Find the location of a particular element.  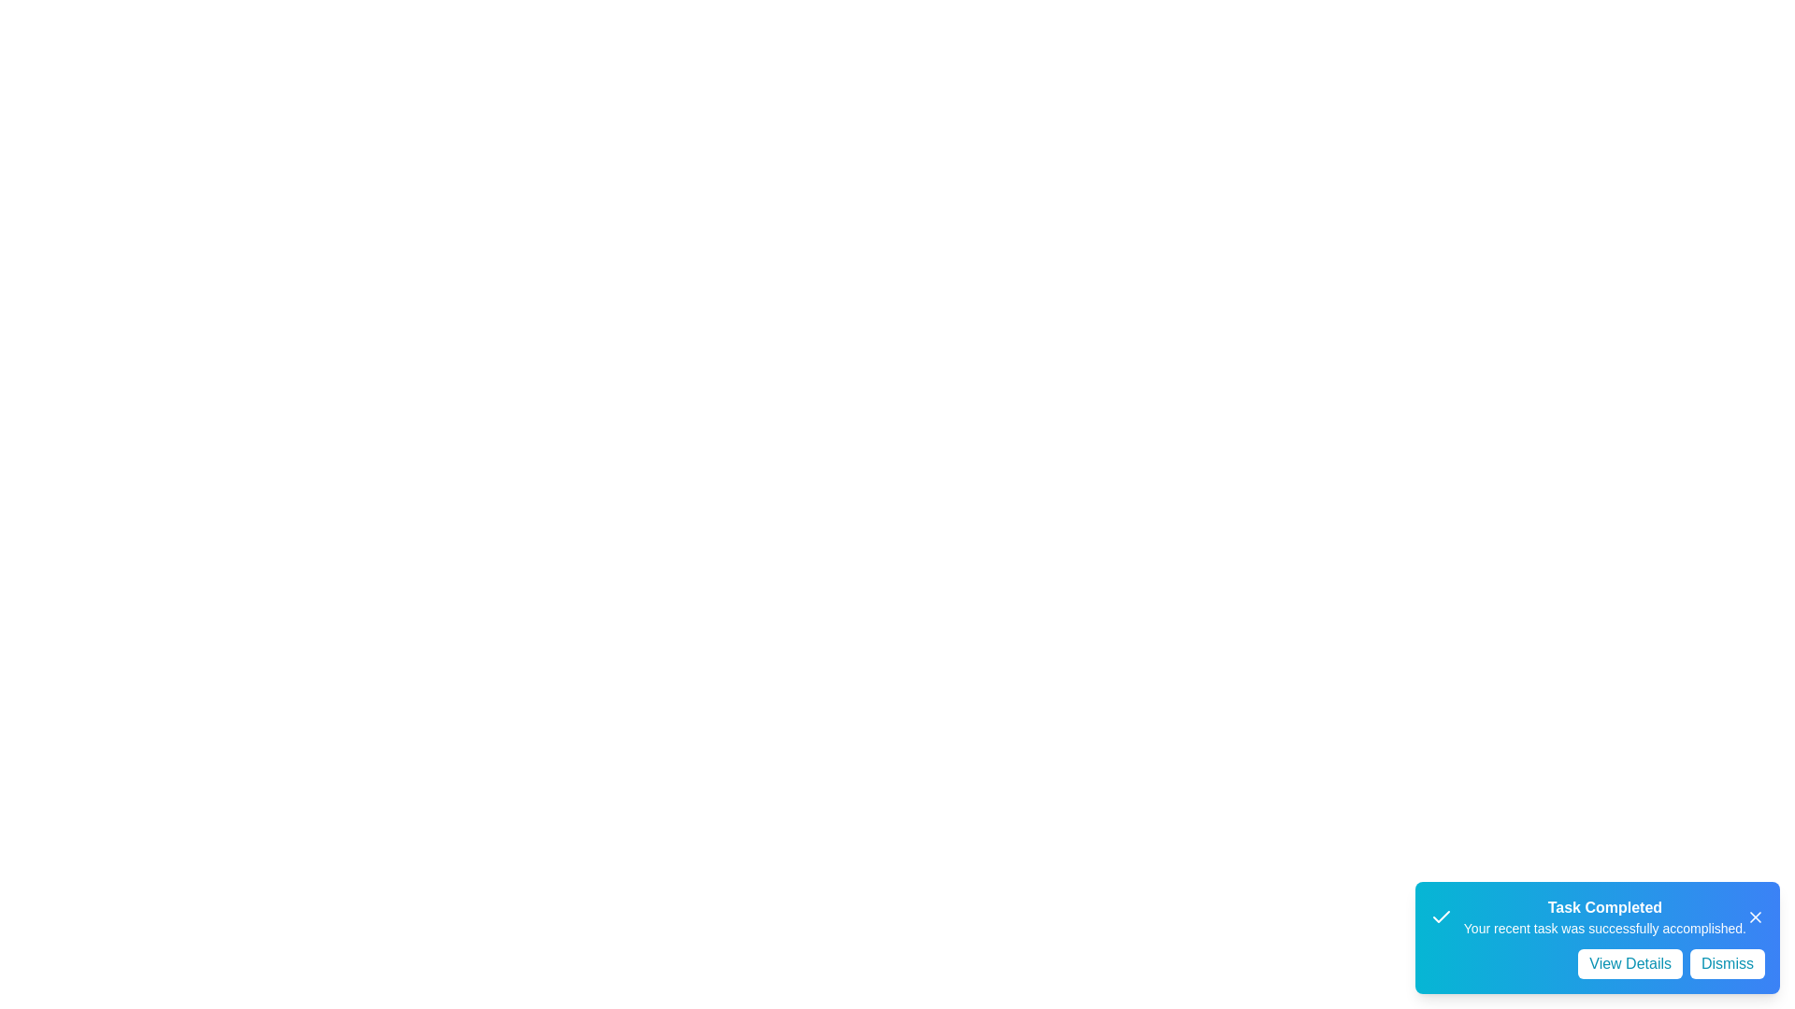

message from the Notification Banner that displays 'Task Completed' and 'Your recent task was successfully accomplished.' is located at coordinates (1596, 917).